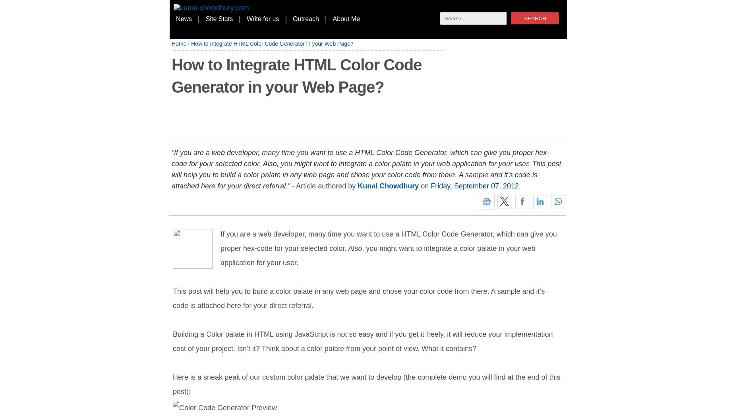 Image resolution: width=735 pixels, height=417 pixels. What do you see at coordinates (323, 186) in the screenshot?
I see `'- Article authored by'` at bounding box center [323, 186].